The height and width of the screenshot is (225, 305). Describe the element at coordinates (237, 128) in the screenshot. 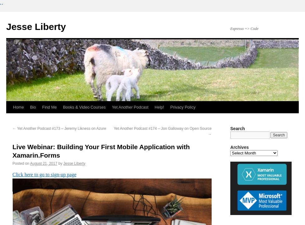

I see `'Search'` at that location.